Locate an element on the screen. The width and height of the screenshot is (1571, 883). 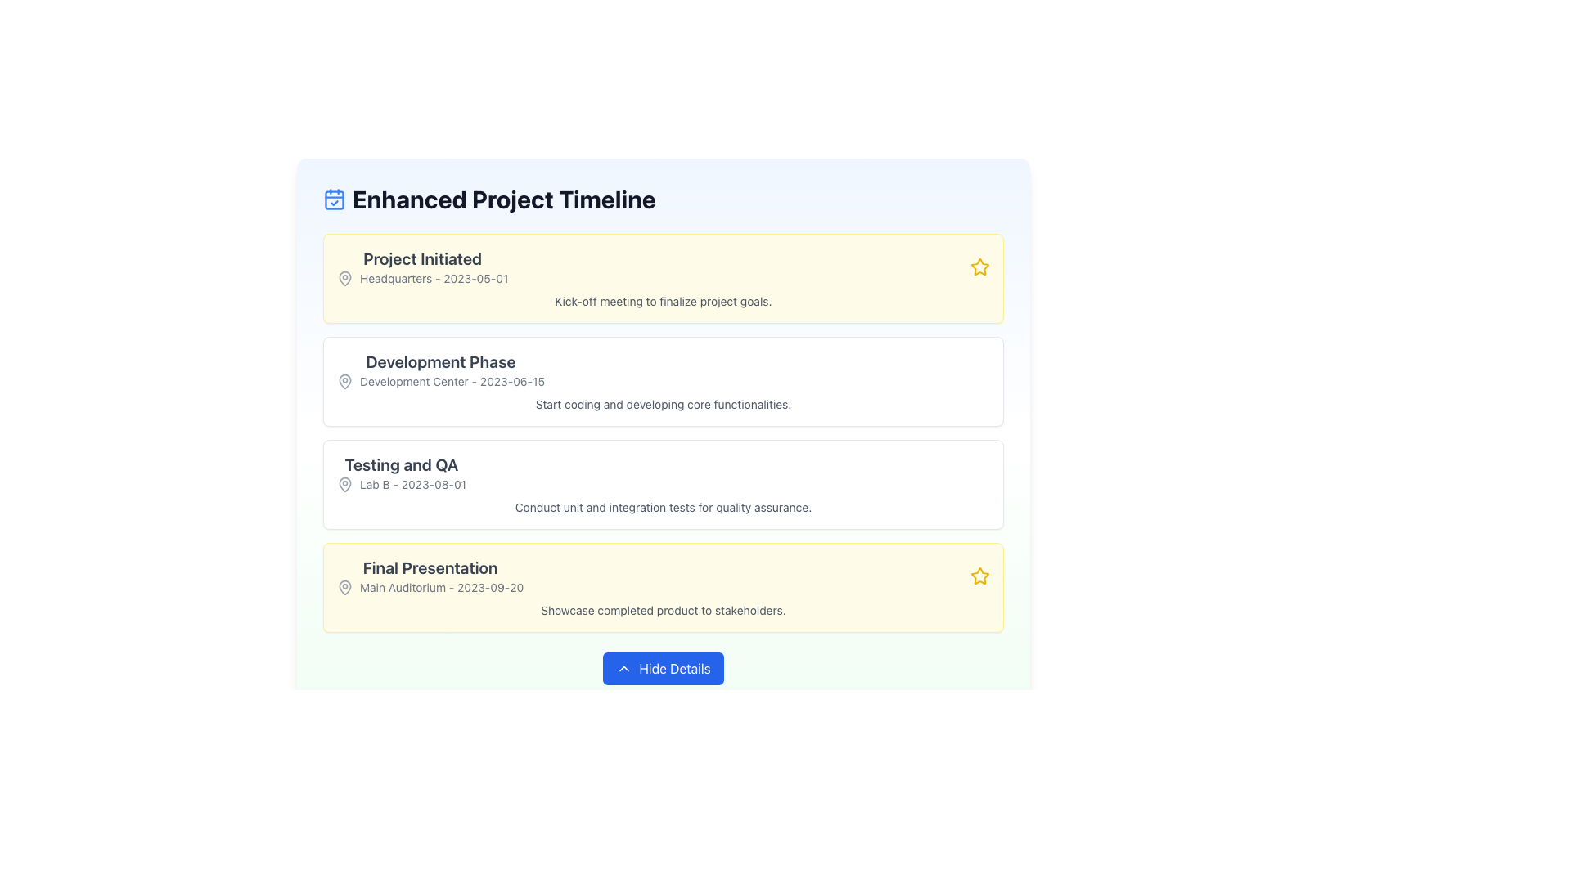
the Location marker icon next to the 'Lab B - 2023-08-01' label in the third timeline entry labeled 'Testing and QA' of the 'Enhanced Project Timeline' interface is located at coordinates (344, 482).